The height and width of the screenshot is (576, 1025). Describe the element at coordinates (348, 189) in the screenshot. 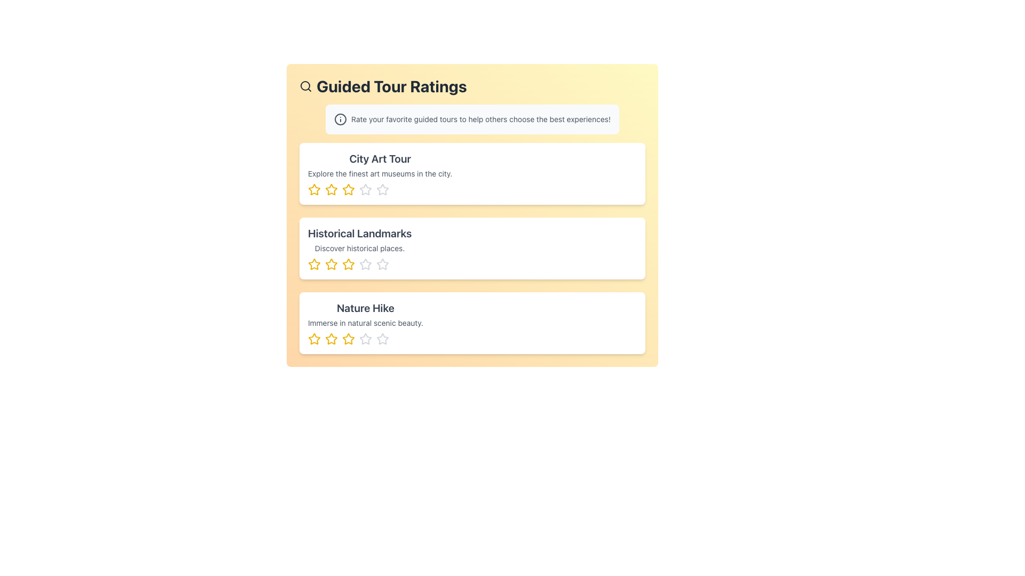

I see `the third yellow star icon in the horizontal row under the 'City Art Tour' card` at that location.